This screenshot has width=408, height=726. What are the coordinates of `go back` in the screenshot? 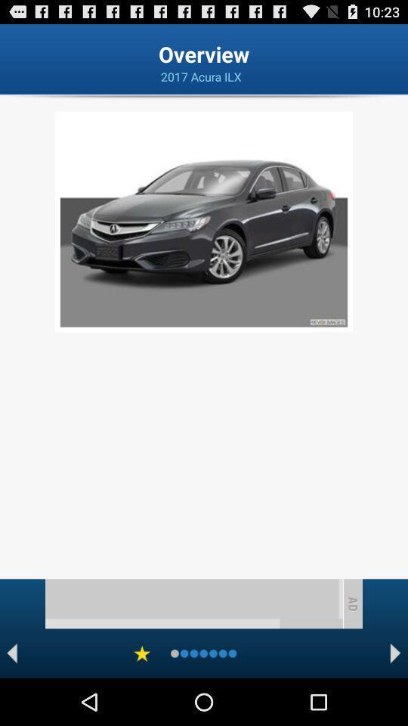 It's located at (11, 653).